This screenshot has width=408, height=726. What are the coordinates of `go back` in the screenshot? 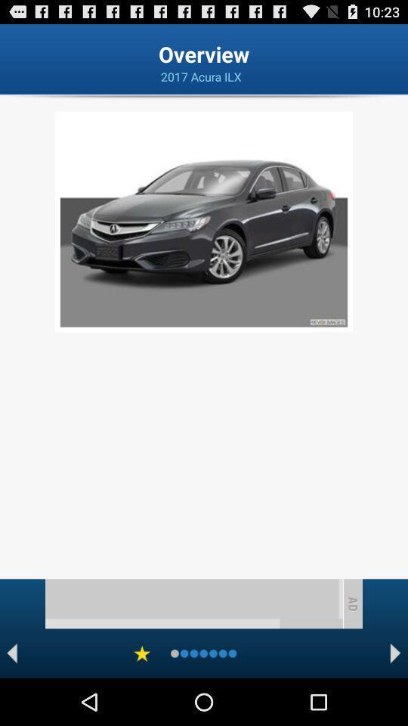 It's located at (11, 653).